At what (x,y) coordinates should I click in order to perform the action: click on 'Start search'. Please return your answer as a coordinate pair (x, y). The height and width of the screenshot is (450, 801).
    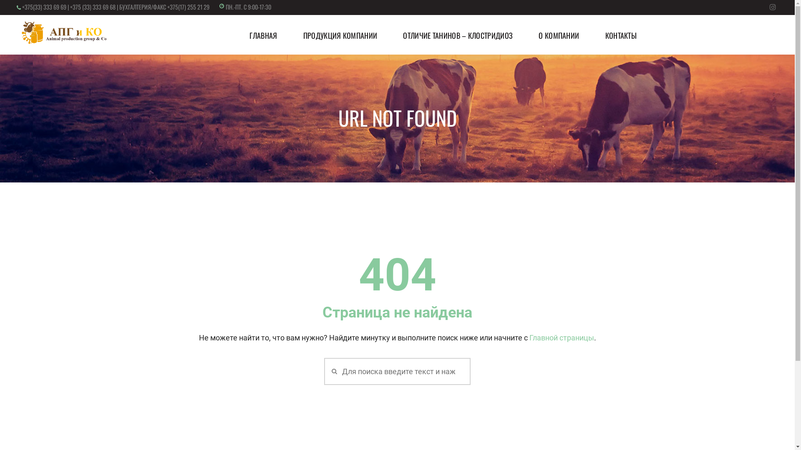
    Looking at the image, I should click on (332, 370).